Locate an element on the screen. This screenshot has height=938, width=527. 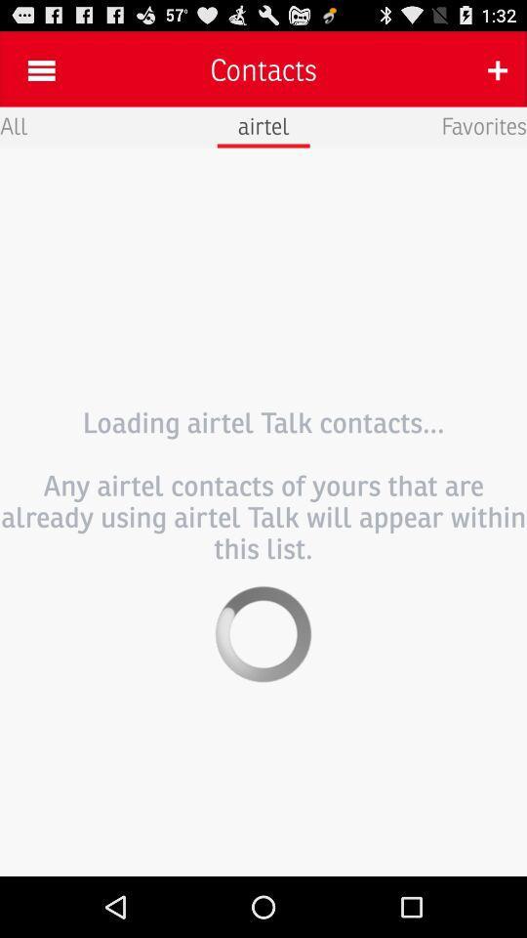
the item to the left of the airtel item is located at coordinates (13, 124).